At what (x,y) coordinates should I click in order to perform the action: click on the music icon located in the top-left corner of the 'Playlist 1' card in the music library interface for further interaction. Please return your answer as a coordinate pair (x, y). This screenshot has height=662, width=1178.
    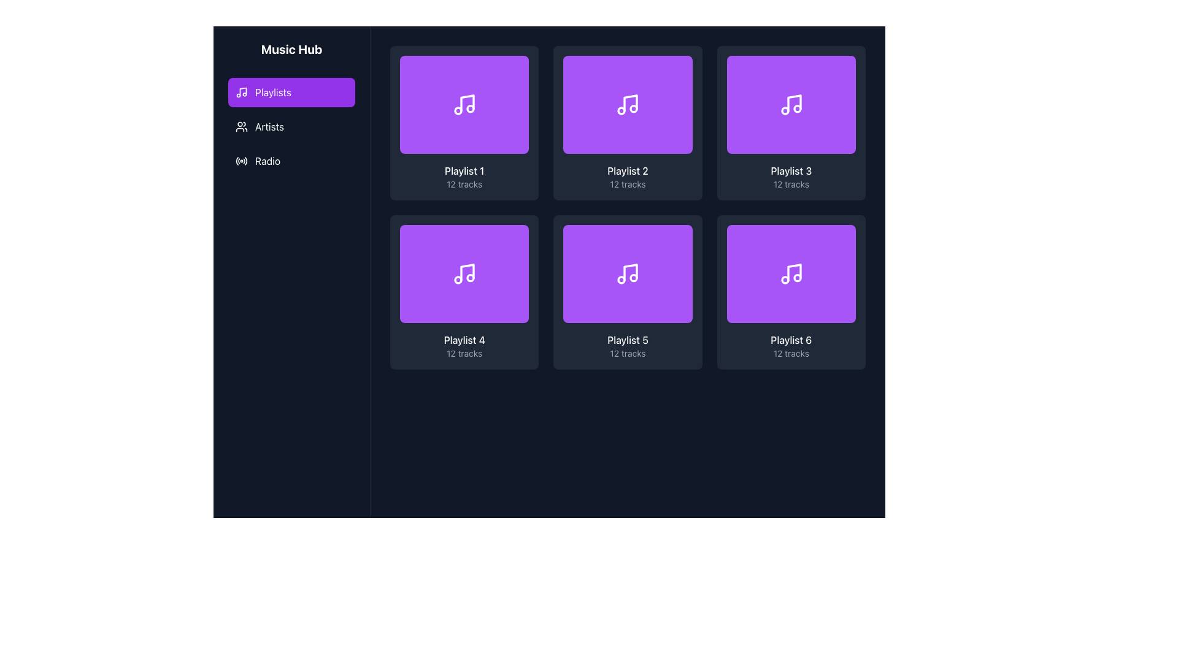
    Looking at the image, I should click on (464, 104).